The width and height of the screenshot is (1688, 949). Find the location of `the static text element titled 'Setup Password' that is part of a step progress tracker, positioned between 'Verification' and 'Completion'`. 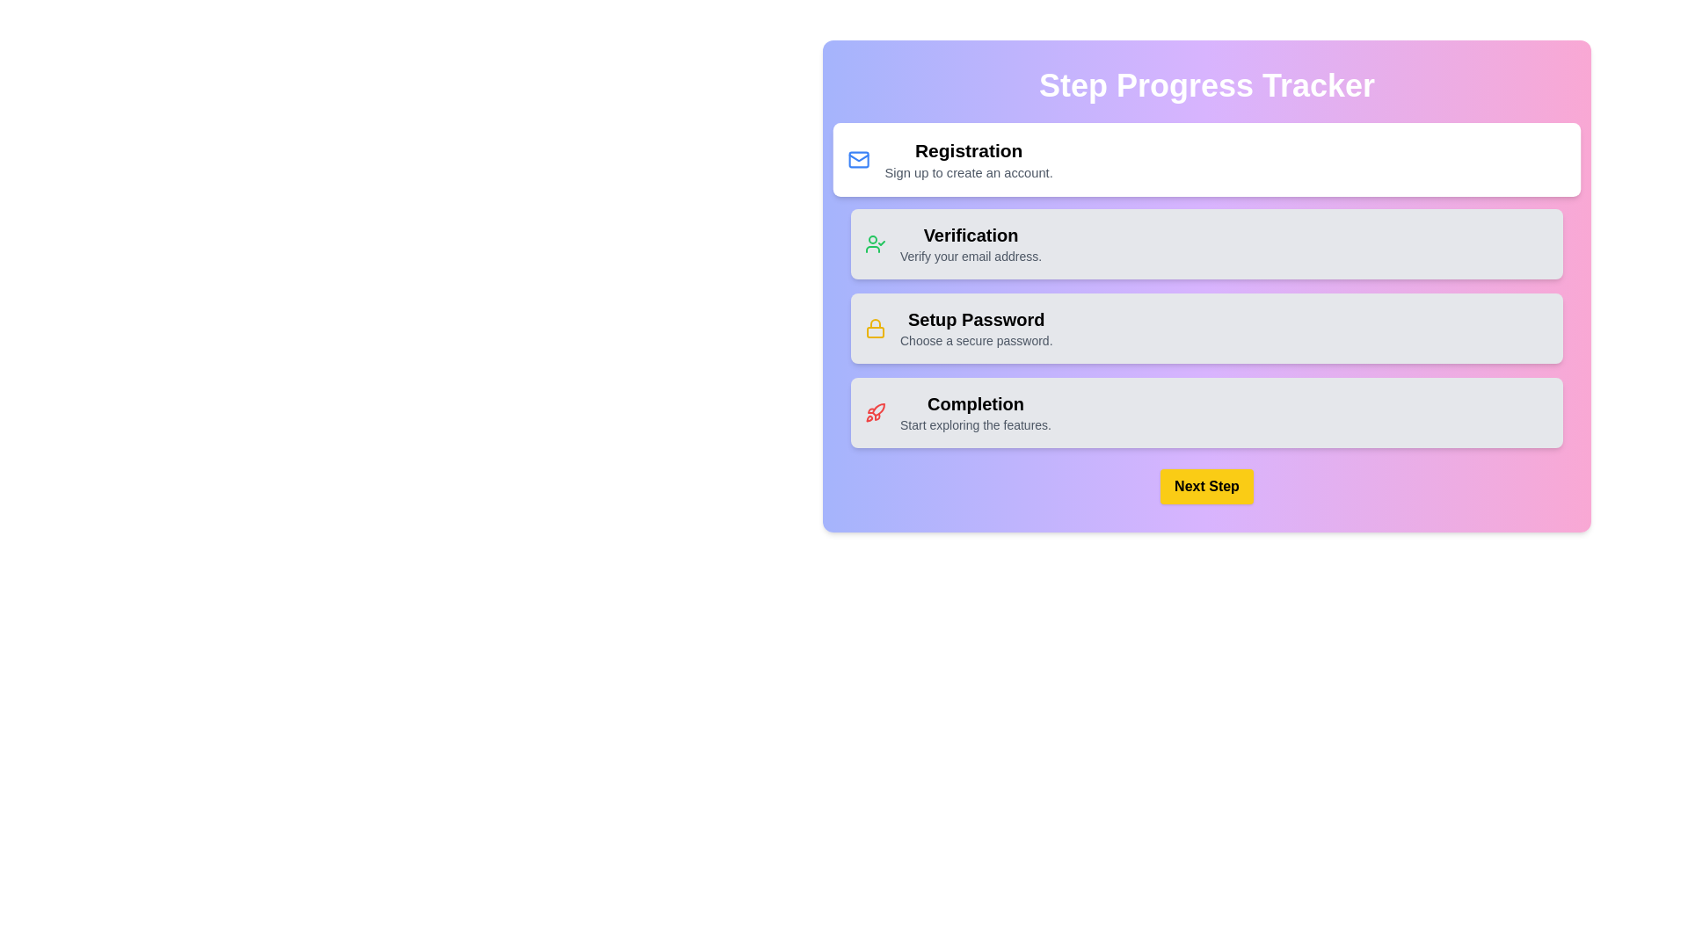

the static text element titled 'Setup Password' that is part of a step progress tracker, positioned between 'Verification' and 'Completion' is located at coordinates (975, 329).